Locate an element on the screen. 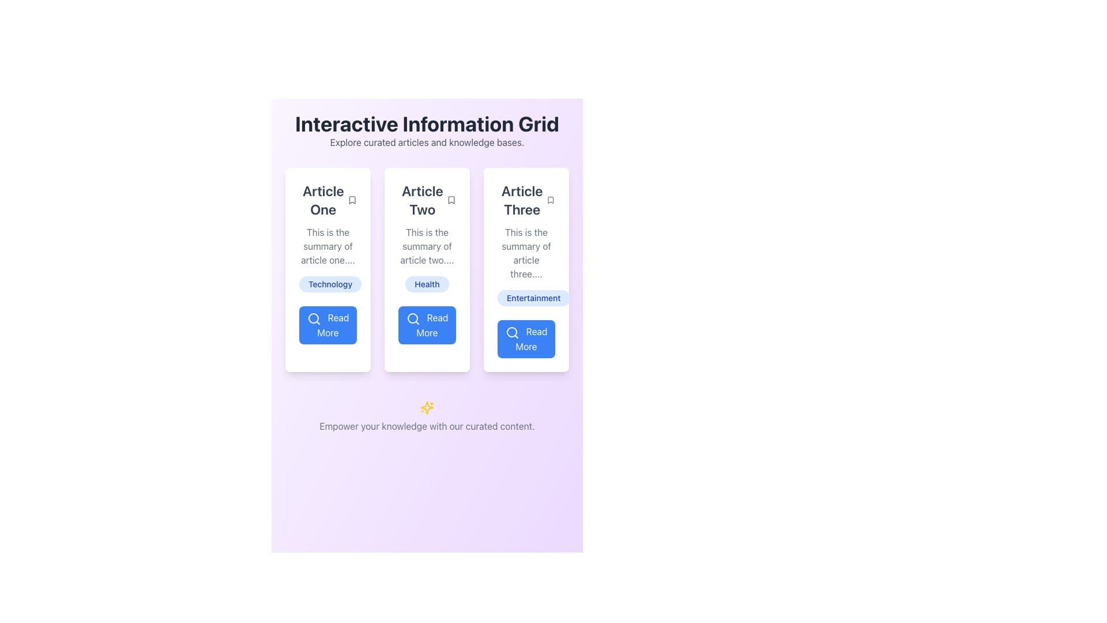 This screenshot has height=623, width=1107. text block that says 'Empower your knowledge with our curated content.' located at the bottom of the interface, beneath the yellow sparkles icon is located at coordinates (426, 425).